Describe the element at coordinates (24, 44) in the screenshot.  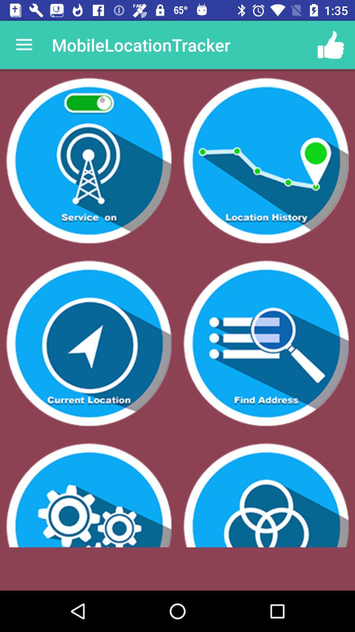
I see `the app to the left of the mobilelocationtracker item` at that location.